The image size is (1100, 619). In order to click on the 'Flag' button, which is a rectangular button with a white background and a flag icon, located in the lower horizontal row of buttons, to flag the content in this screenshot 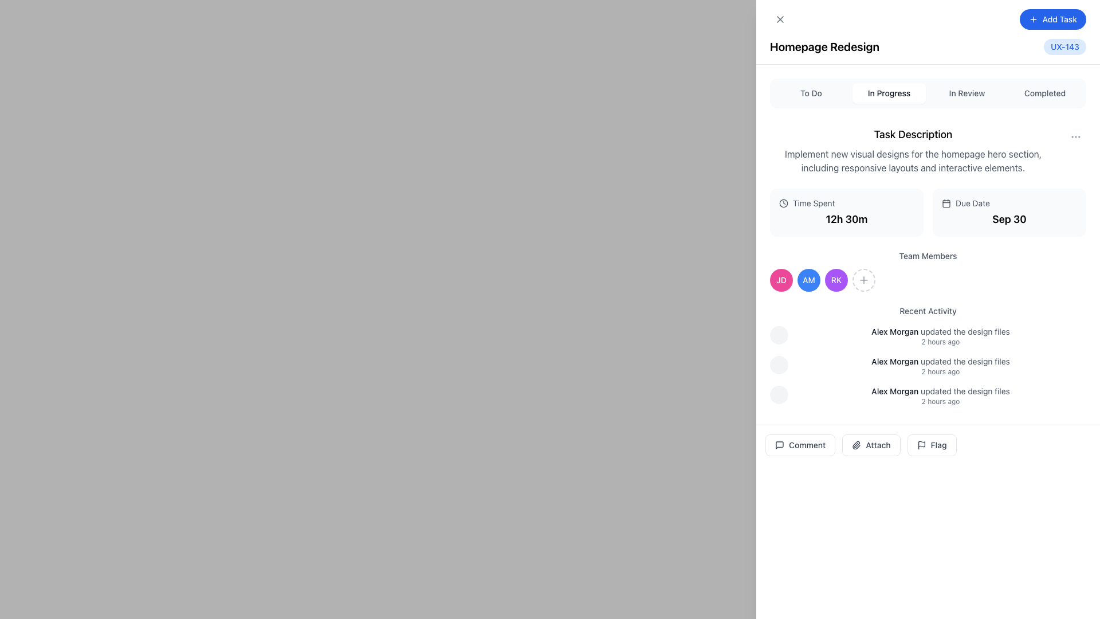, I will do `click(932, 444)`.